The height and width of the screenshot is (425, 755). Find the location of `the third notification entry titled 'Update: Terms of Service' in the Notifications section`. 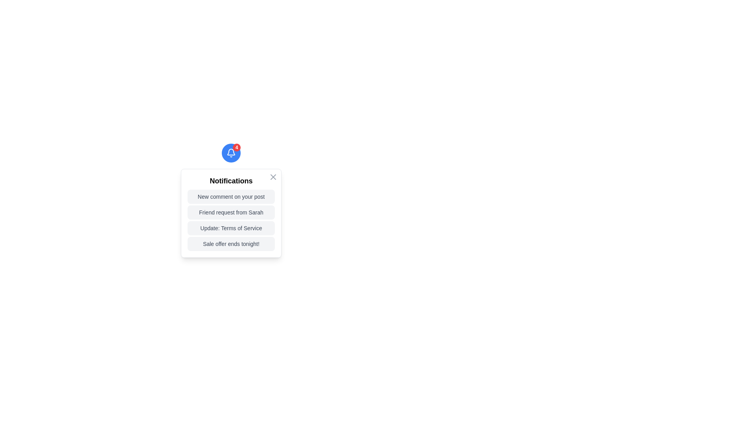

the third notification entry titled 'Update: Terms of Service' in the Notifications section is located at coordinates (231, 220).